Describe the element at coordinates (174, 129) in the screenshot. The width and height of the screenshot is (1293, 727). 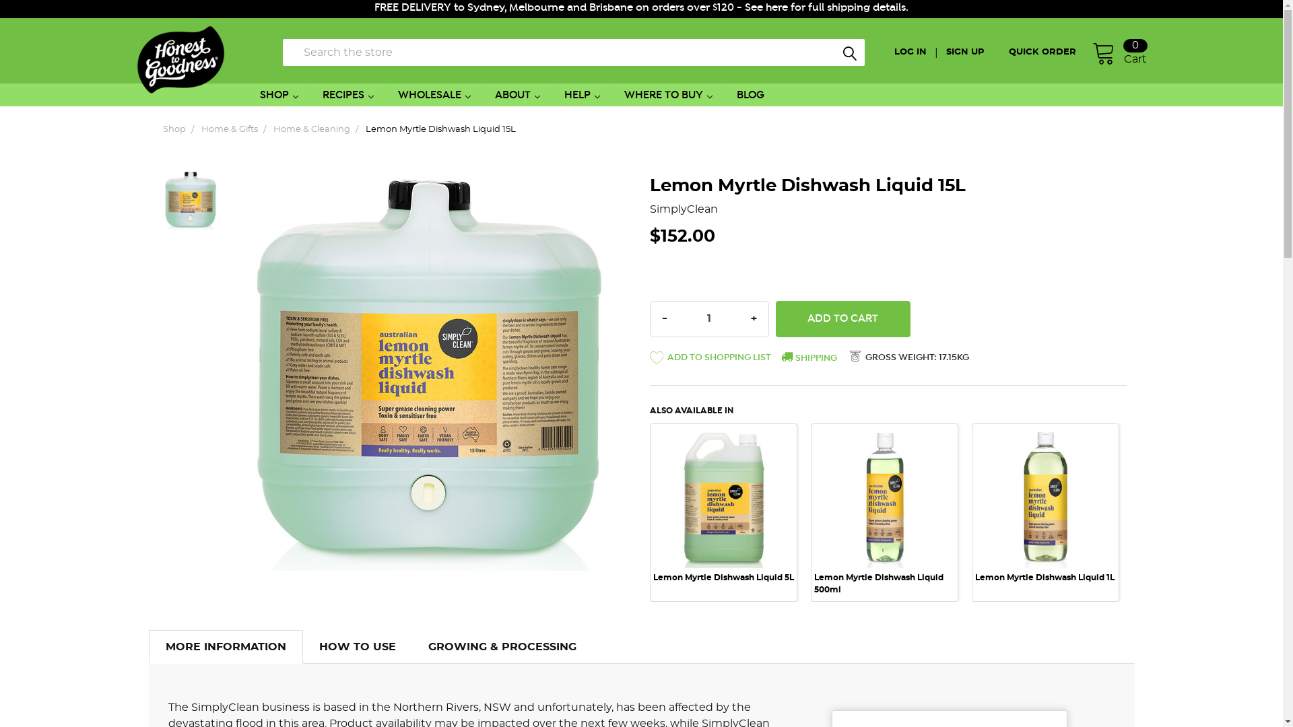
I see `'Shop'` at that location.